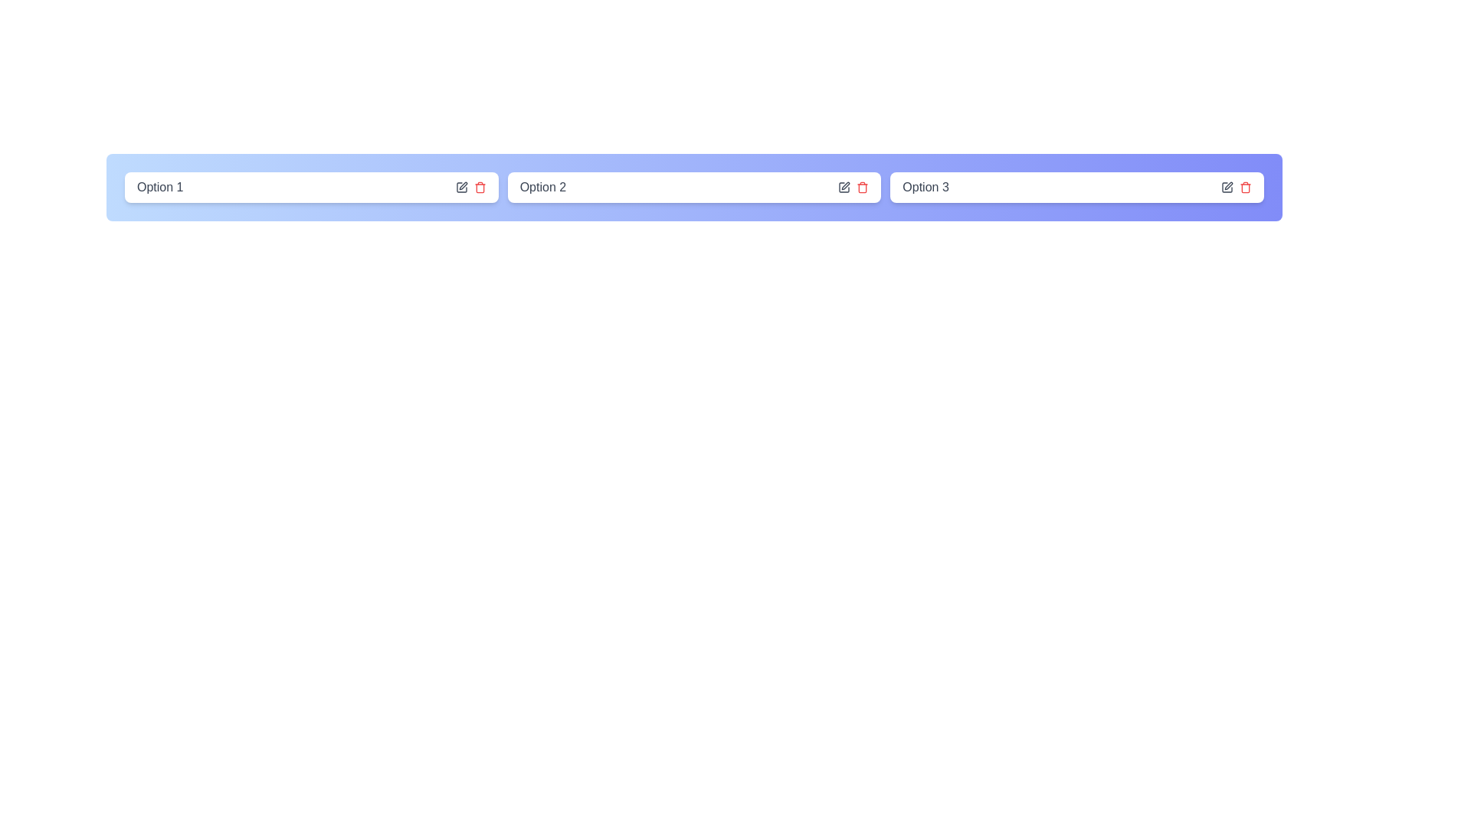 This screenshot has width=1471, height=827. Describe the element at coordinates (1076, 187) in the screenshot. I see `the chip labeled Option 3` at that location.